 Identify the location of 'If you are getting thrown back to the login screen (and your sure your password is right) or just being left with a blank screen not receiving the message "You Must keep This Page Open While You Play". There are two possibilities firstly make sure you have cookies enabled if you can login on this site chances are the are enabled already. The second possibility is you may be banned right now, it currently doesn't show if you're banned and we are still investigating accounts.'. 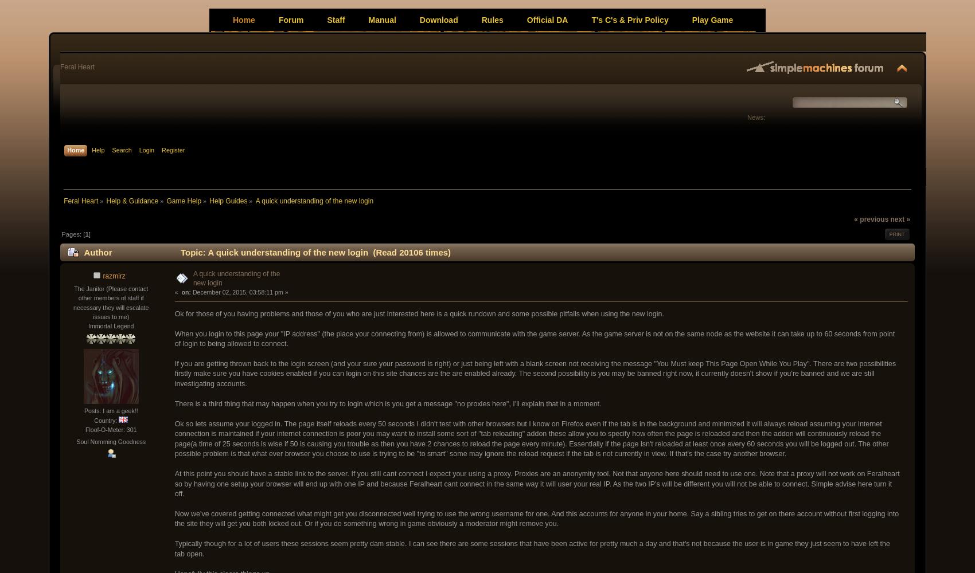
(535, 373).